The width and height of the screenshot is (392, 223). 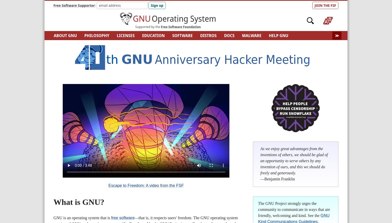 What do you see at coordinates (74, 5) in the screenshot?
I see `'Free Software Supporter'` at bounding box center [74, 5].